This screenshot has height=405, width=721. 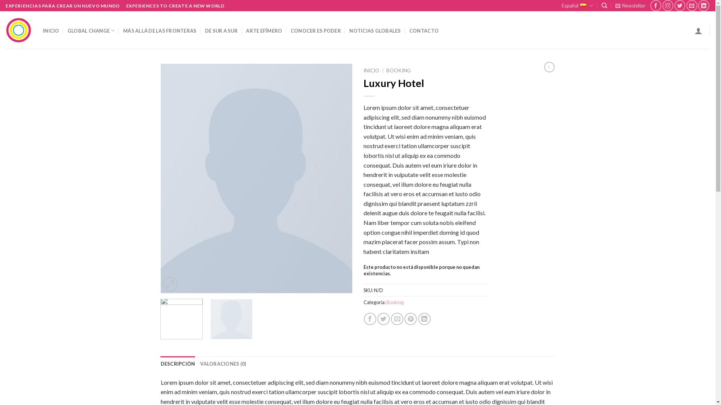 I want to click on 'GLOBAL CHANGE', so click(x=91, y=30).